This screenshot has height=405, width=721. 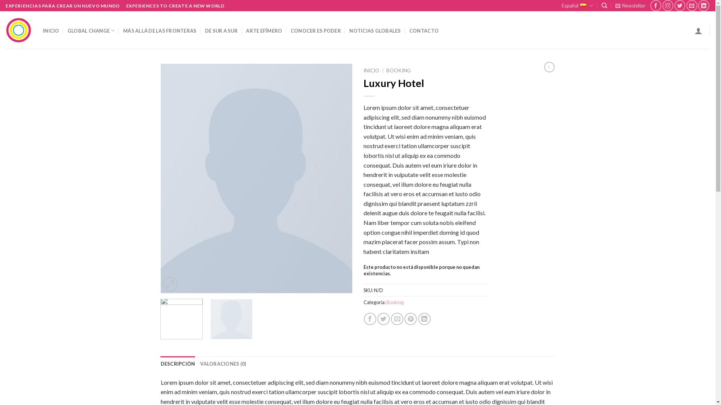 I want to click on 'GLOBAL CHANGE', so click(x=91, y=30).